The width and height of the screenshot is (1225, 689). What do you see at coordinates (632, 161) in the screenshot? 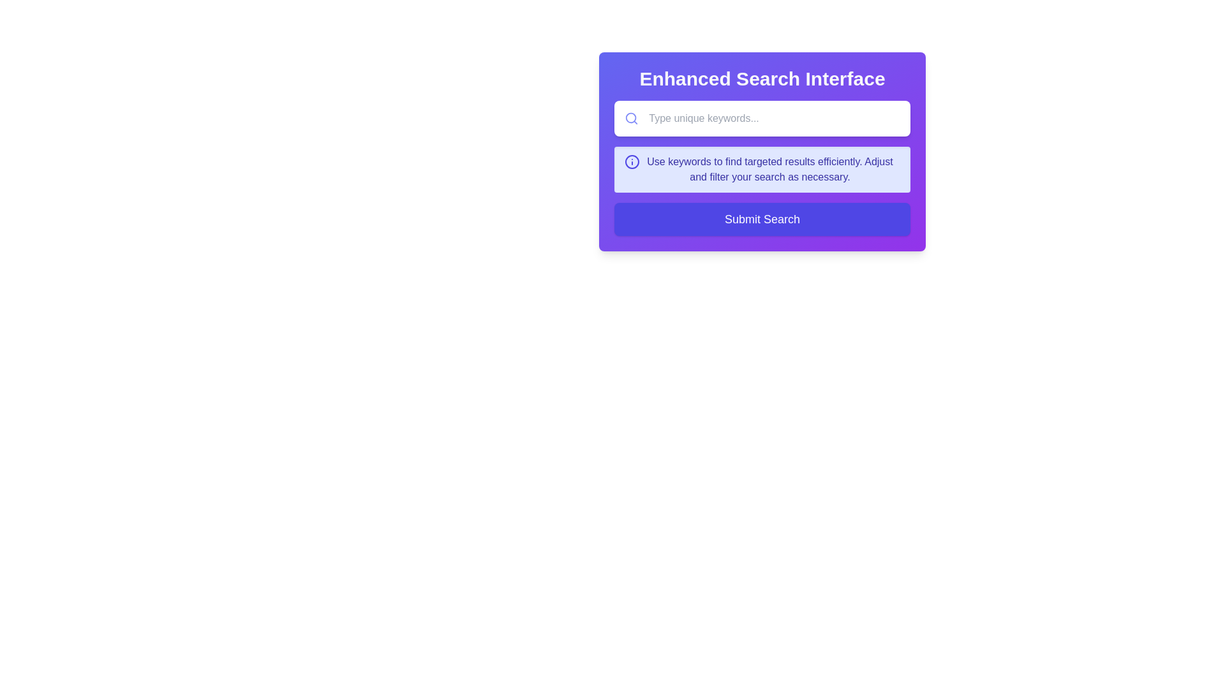
I see `the circular icon with an indigo border and internal symbol, located to the left of the instruction text block about using keywords for search results` at bounding box center [632, 161].